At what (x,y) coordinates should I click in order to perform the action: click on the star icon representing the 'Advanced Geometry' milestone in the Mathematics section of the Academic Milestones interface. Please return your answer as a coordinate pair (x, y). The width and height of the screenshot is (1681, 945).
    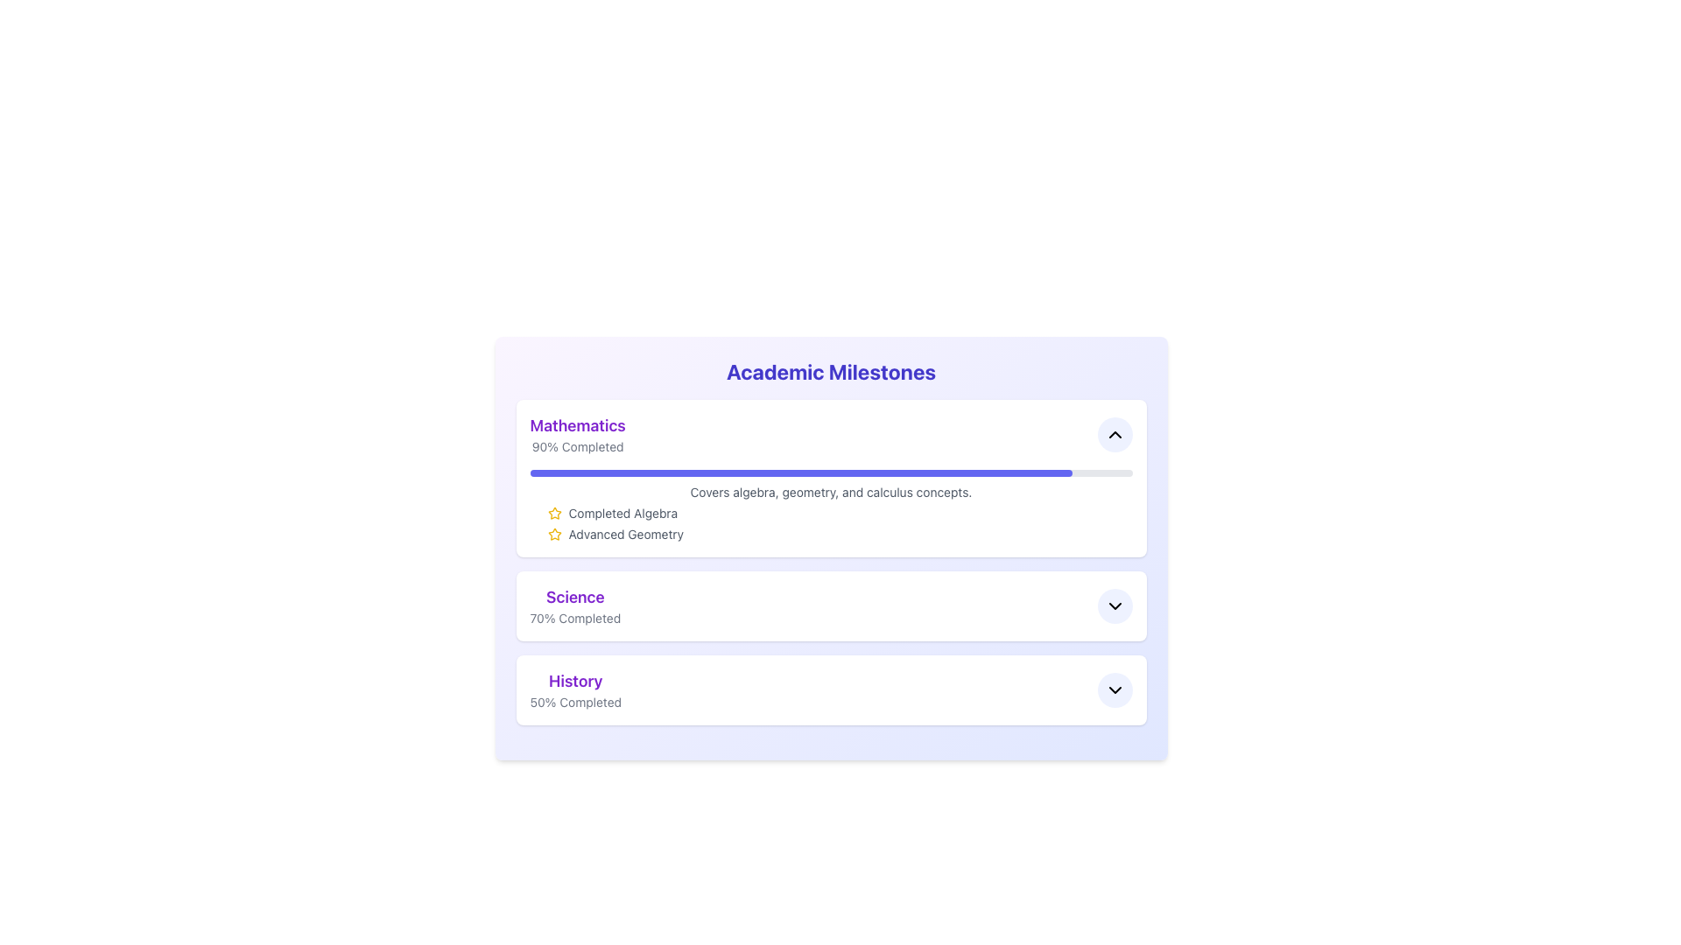
    Looking at the image, I should click on (553, 512).